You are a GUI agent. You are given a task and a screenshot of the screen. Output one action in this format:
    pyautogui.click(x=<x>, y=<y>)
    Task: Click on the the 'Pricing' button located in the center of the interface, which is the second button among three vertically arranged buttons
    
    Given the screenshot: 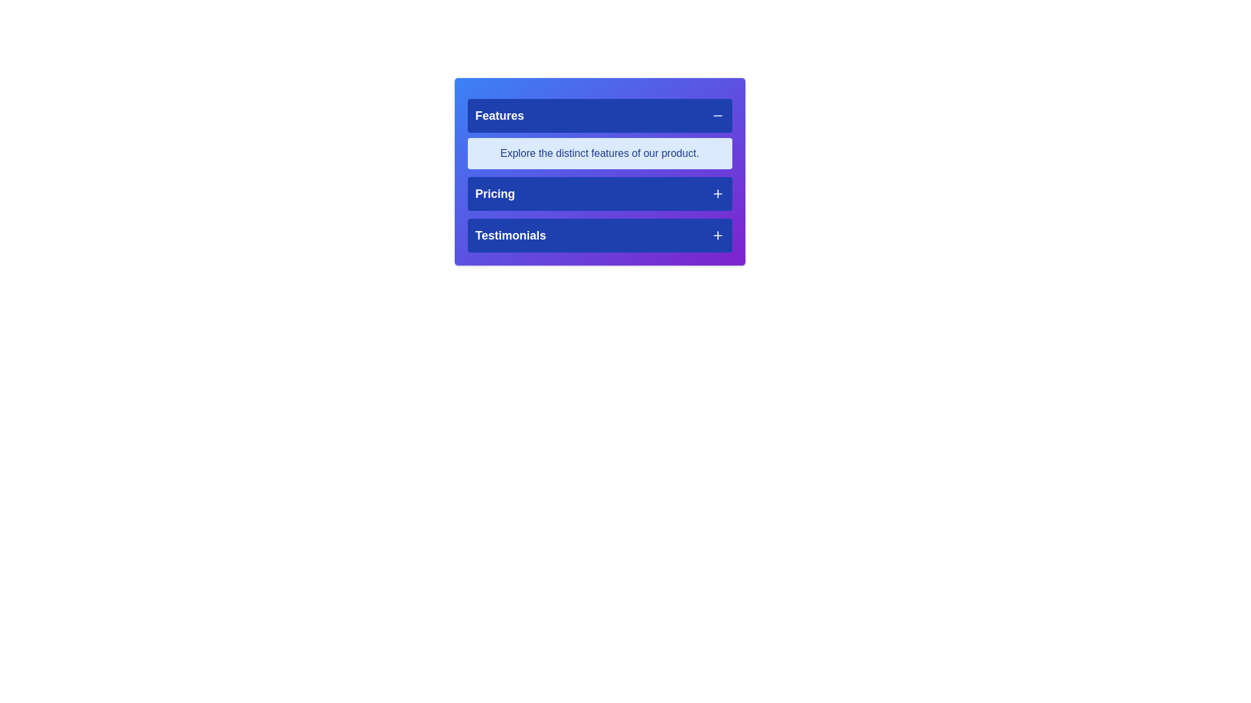 What is the action you would take?
    pyautogui.click(x=599, y=193)
    